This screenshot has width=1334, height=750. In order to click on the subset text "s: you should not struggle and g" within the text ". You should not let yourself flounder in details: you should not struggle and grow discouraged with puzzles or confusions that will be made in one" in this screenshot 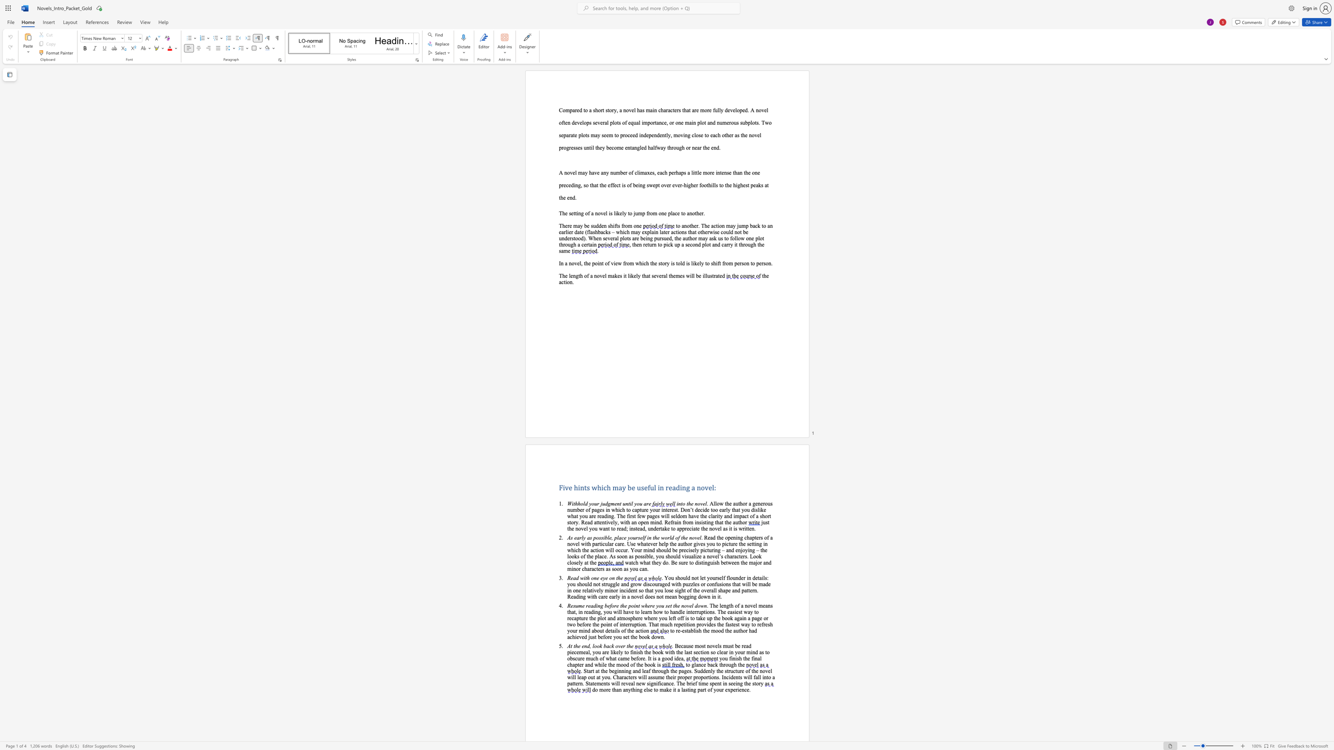, I will do `click(764, 578)`.